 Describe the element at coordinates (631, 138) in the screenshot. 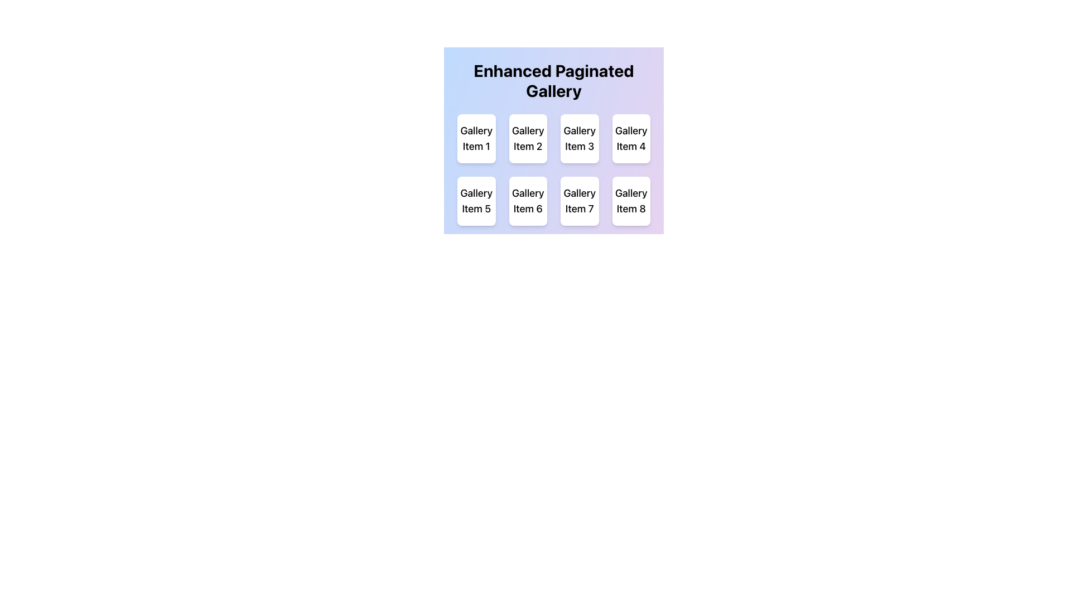

I see `the fourth item in the grid of the Enhanced Paginated Gallery, which serves as a visual representation of a gallery item` at that location.